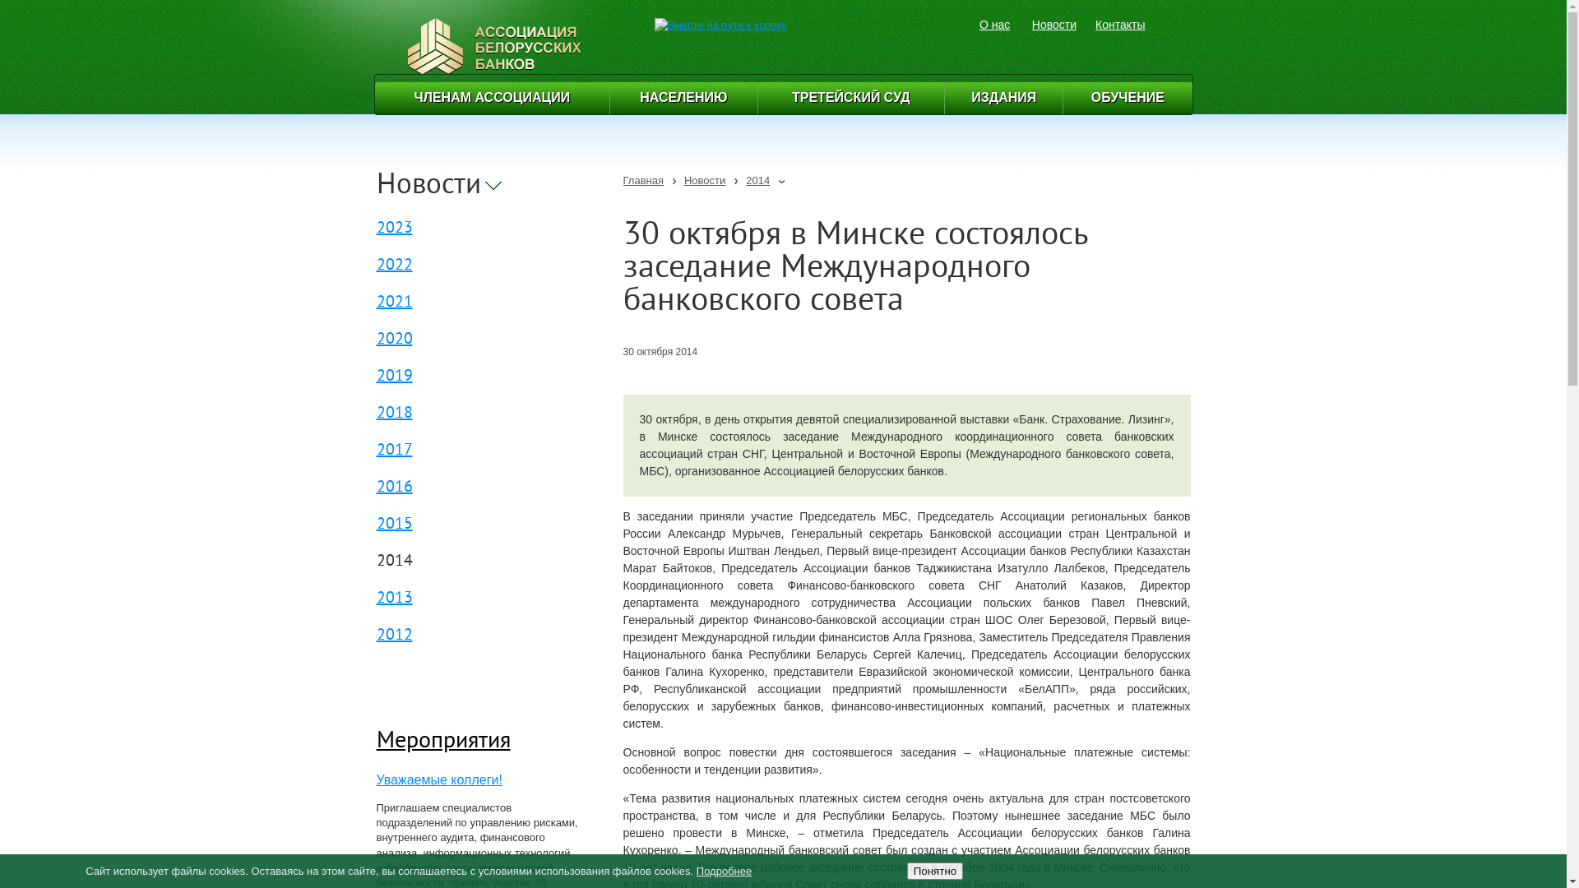 The height and width of the screenshot is (888, 1579). I want to click on '2017', so click(395, 451).